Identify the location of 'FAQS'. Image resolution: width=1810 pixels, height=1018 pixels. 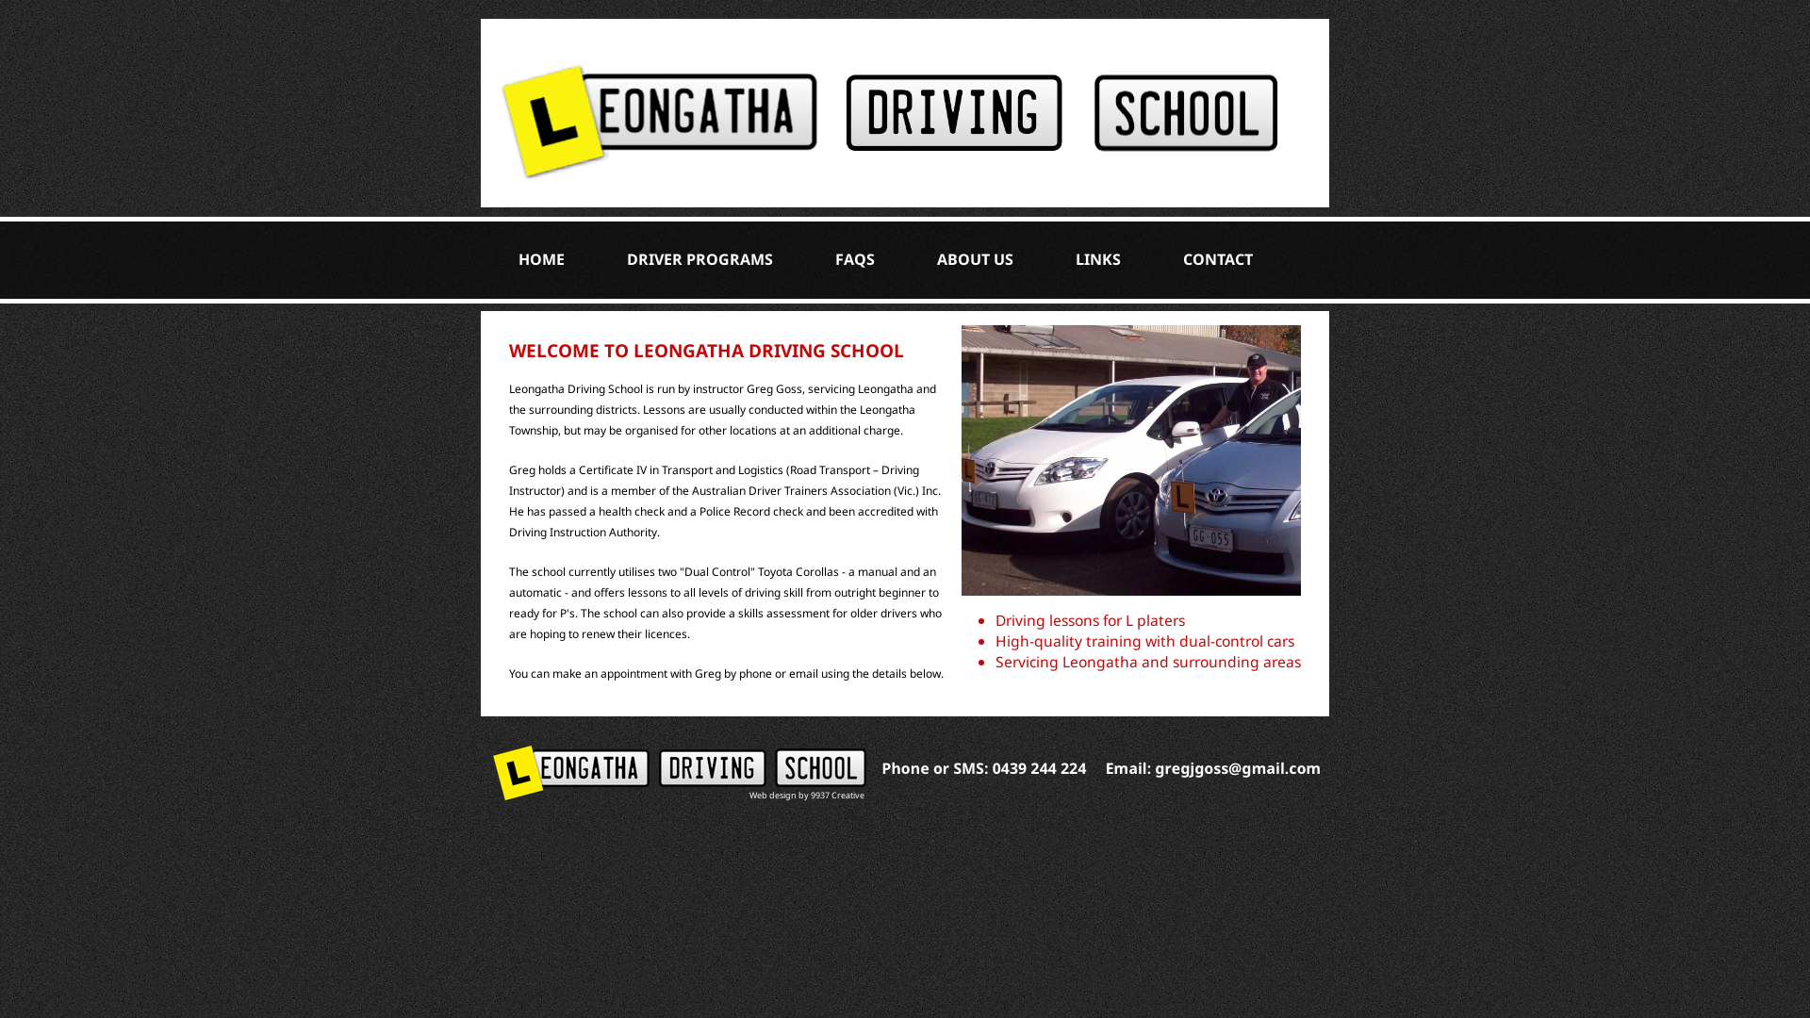
(854, 258).